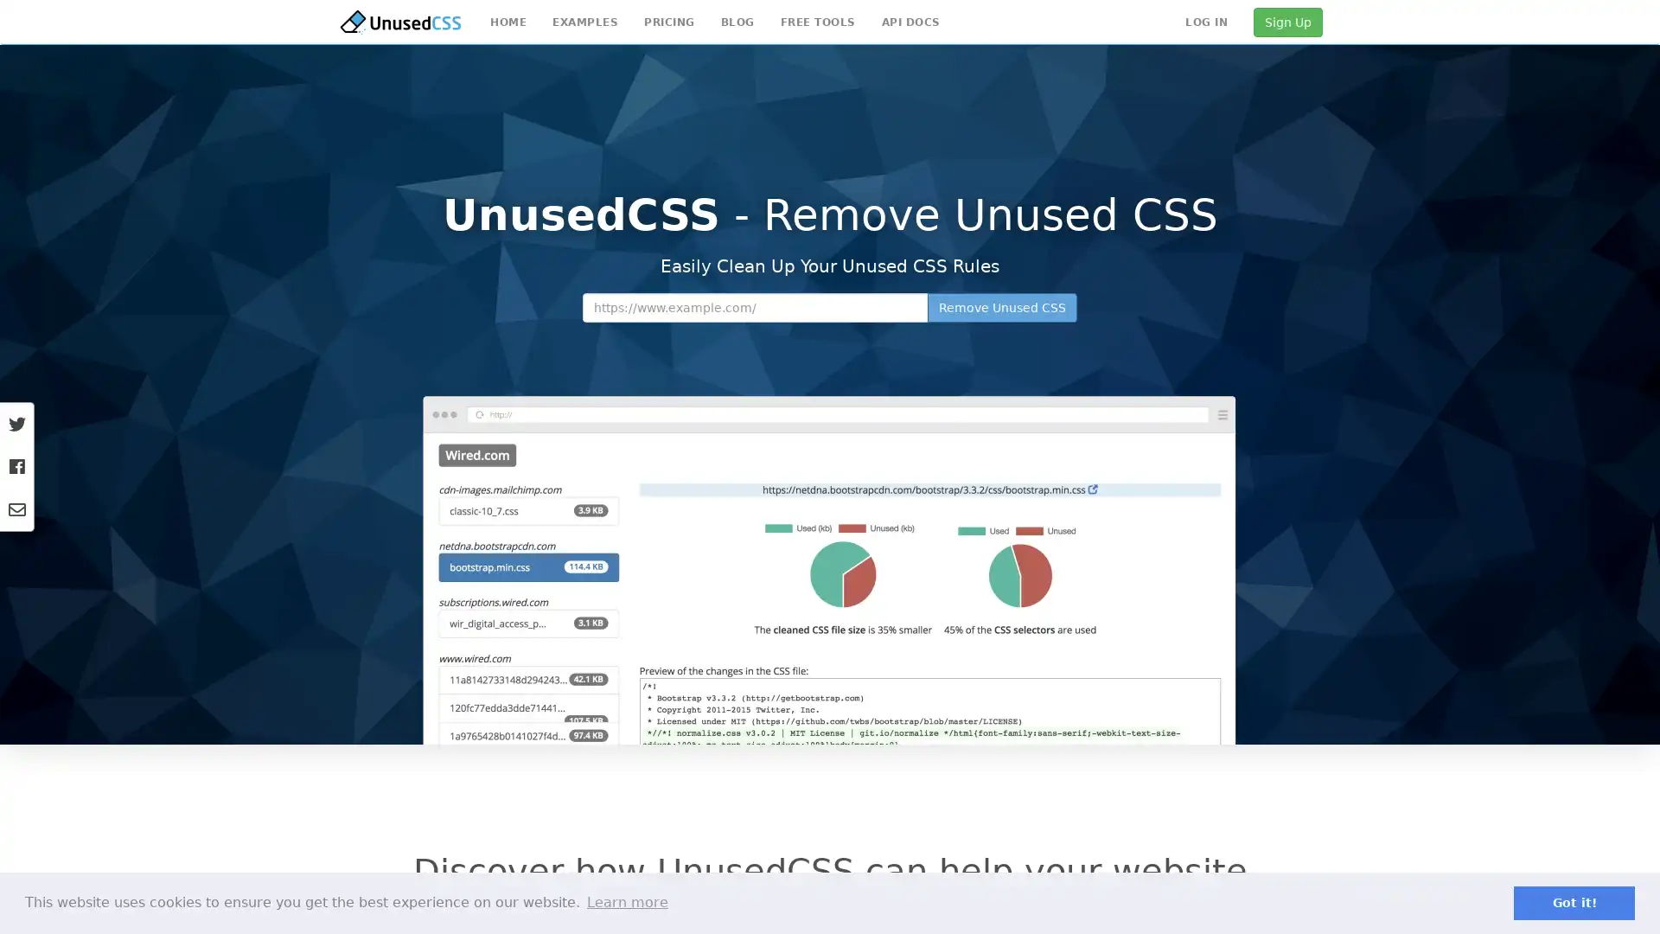  I want to click on Remove Unused CSS, so click(1002, 306).